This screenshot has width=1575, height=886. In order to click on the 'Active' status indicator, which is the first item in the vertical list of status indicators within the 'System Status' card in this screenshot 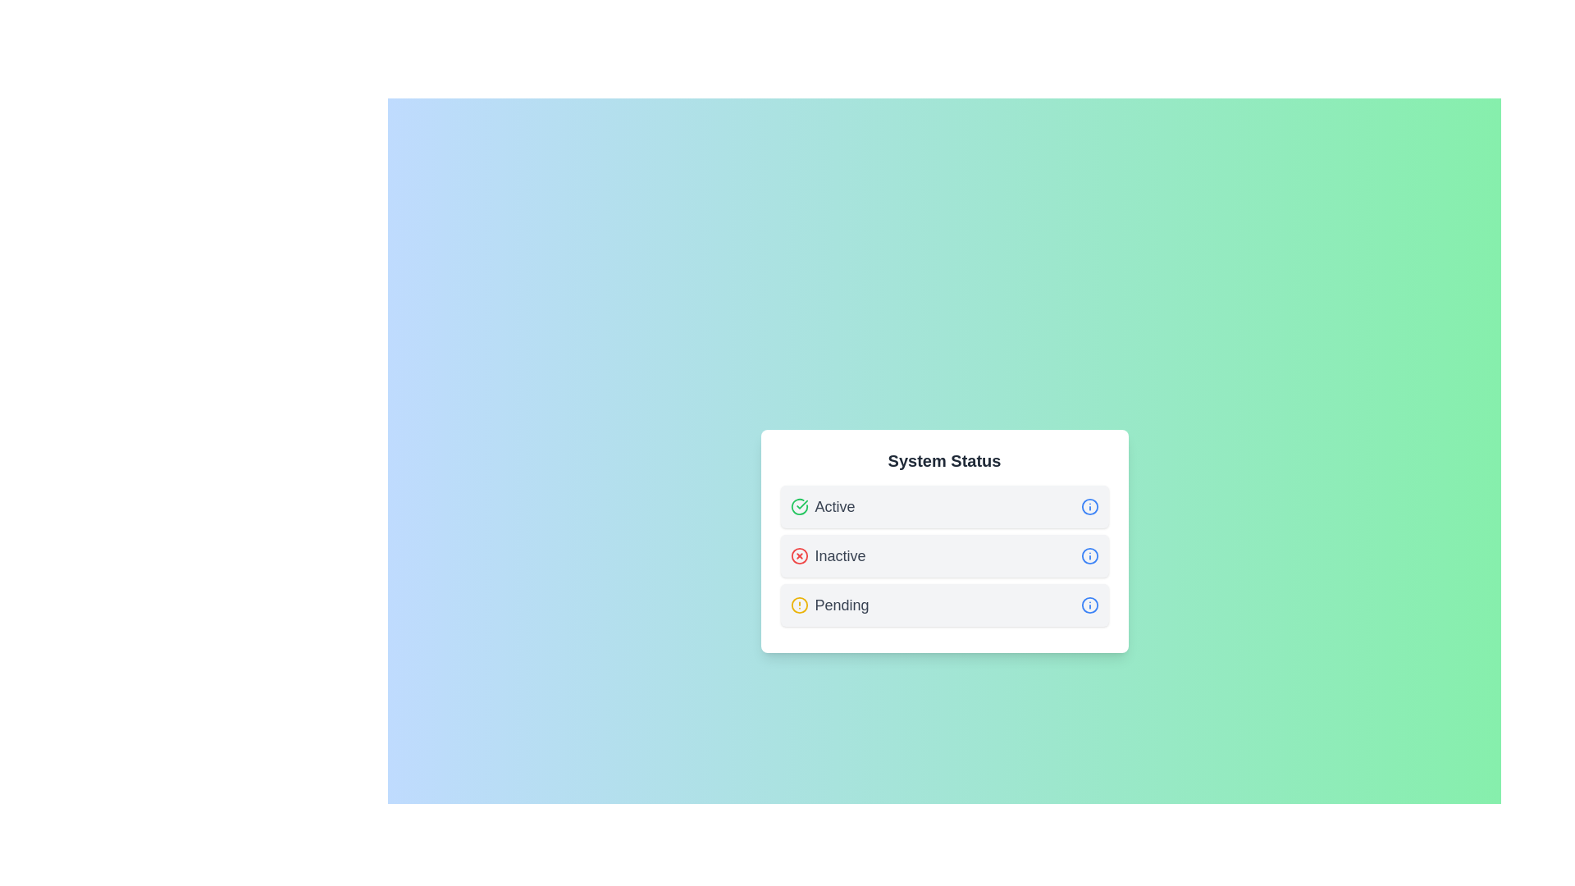, I will do `click(944, 505)`.